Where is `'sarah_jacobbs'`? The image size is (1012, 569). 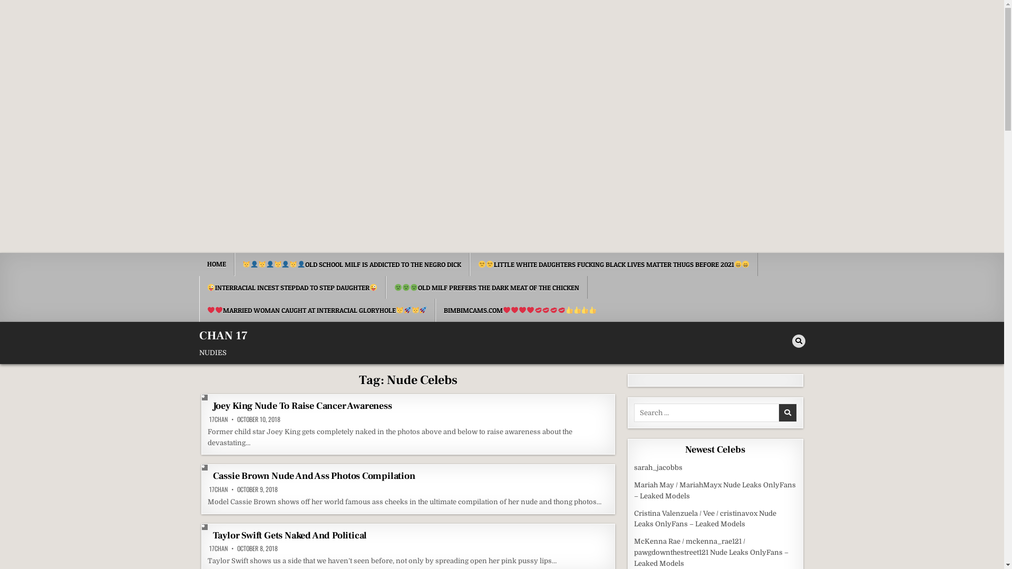 'sarah_jacobbs' is located at coordinates (657, 467).